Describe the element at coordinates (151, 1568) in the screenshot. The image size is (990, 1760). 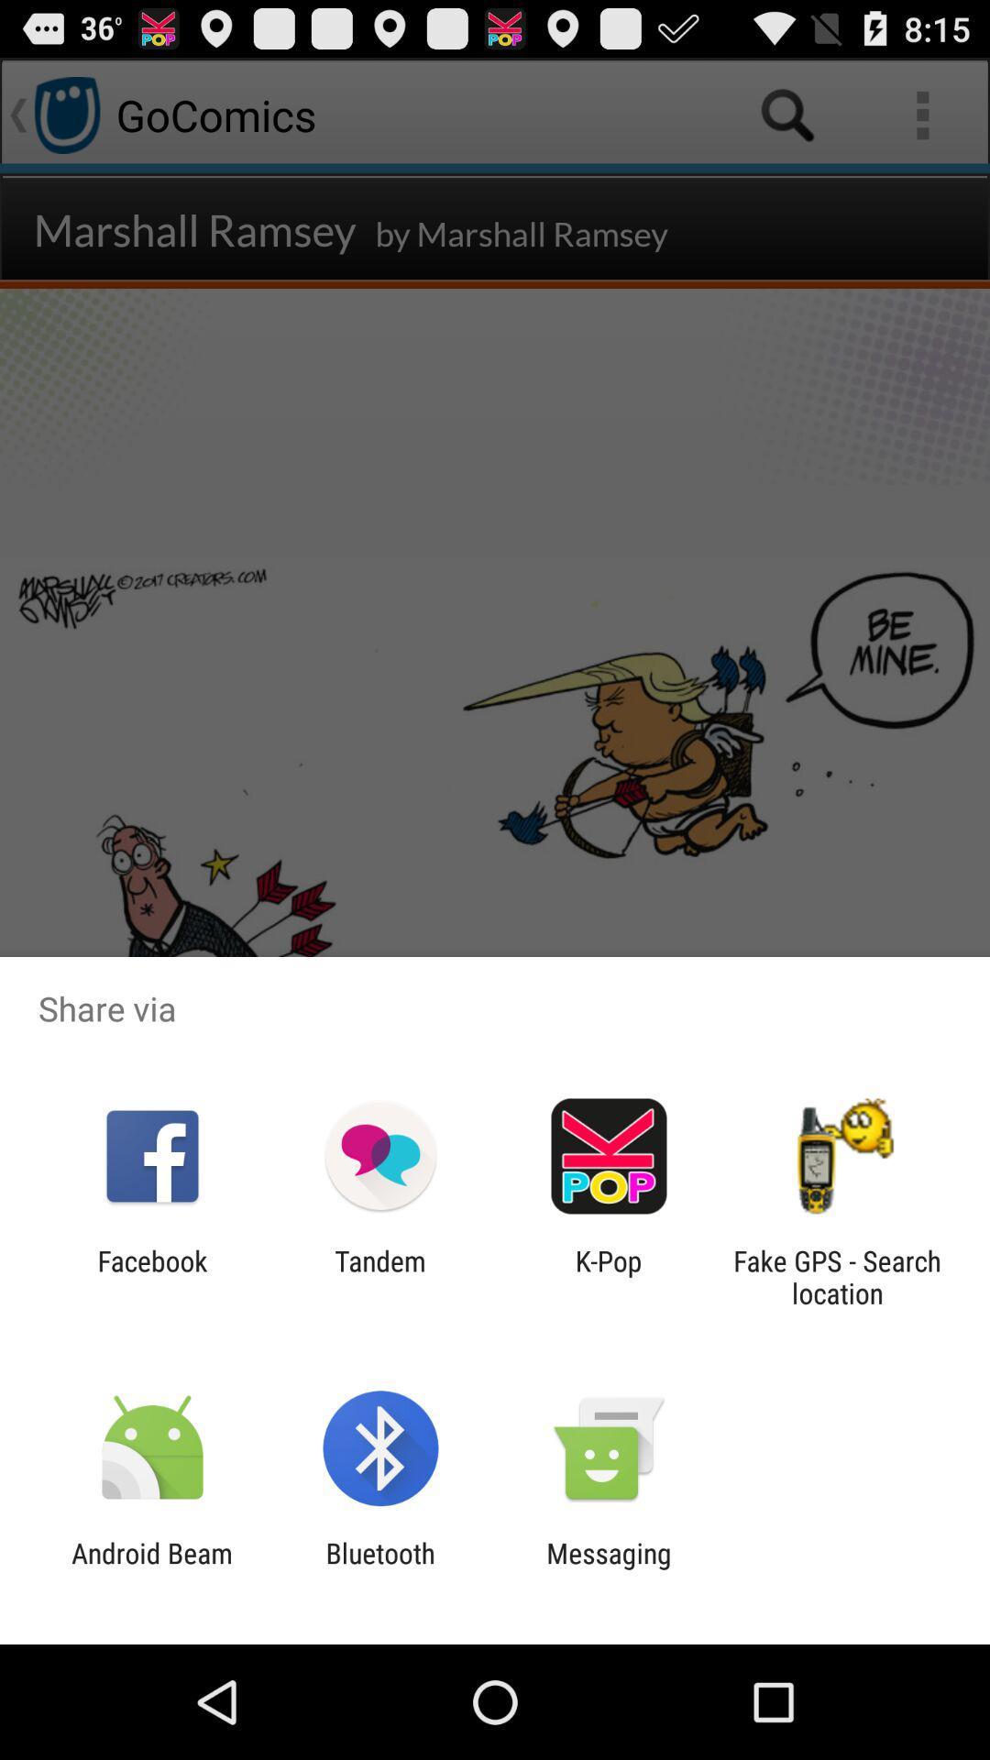
I see `item to the left of bluetooth app` at that location.